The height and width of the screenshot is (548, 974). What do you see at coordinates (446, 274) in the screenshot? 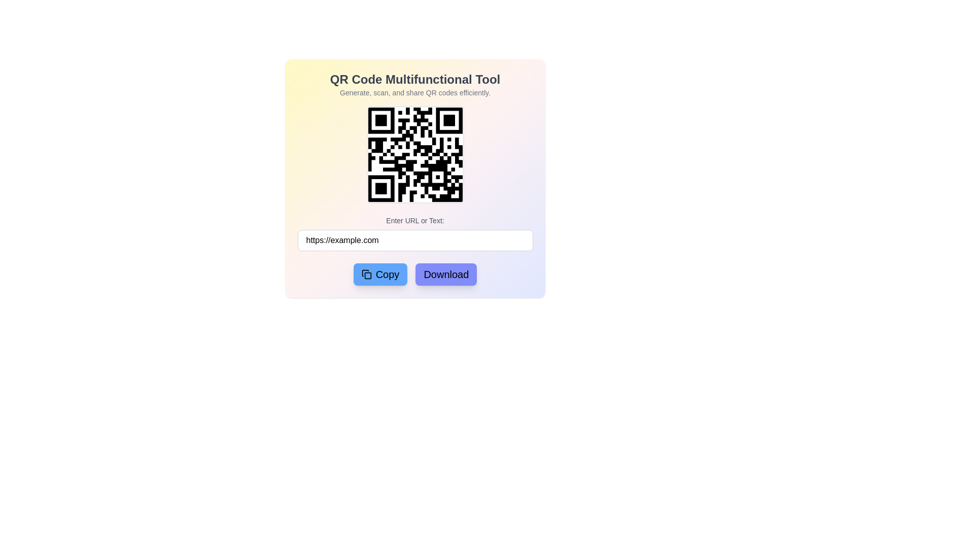
I see `the download button located to the right of the 'Copy' button in the lower center of the interface` at bounding box center [446, 274].